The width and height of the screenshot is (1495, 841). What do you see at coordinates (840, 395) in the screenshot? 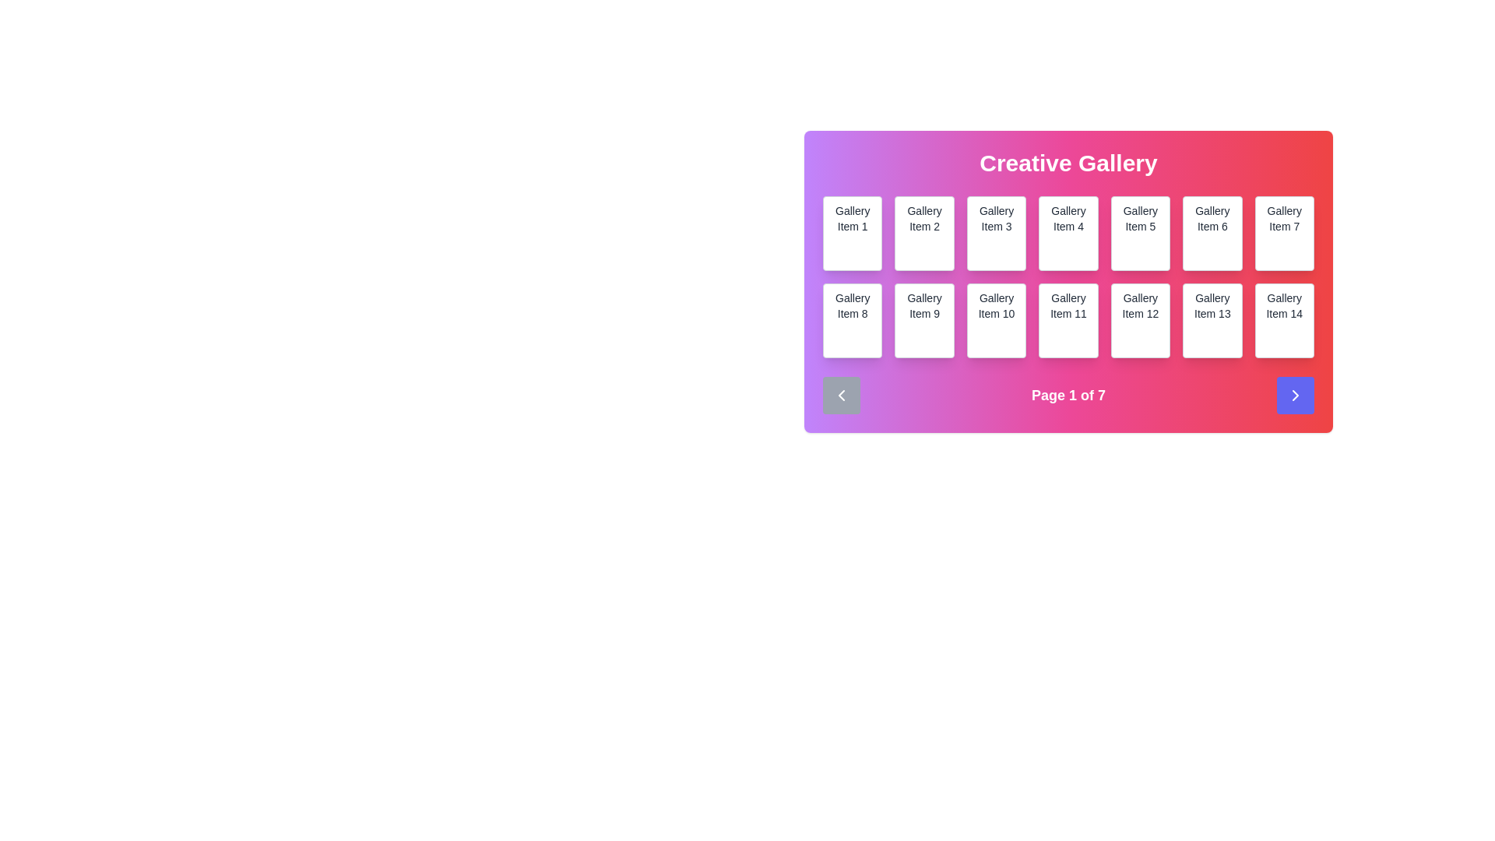
I see `the pagination control button located at the bottom-left of the gallery section` at bounding box center [840, 395].